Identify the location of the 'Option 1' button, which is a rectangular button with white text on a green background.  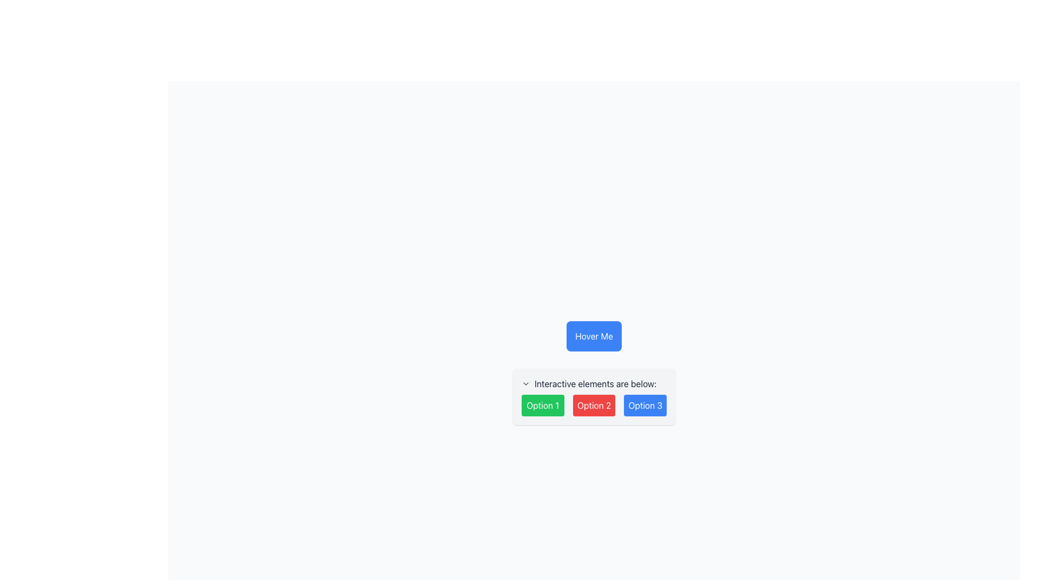
(543, 405).